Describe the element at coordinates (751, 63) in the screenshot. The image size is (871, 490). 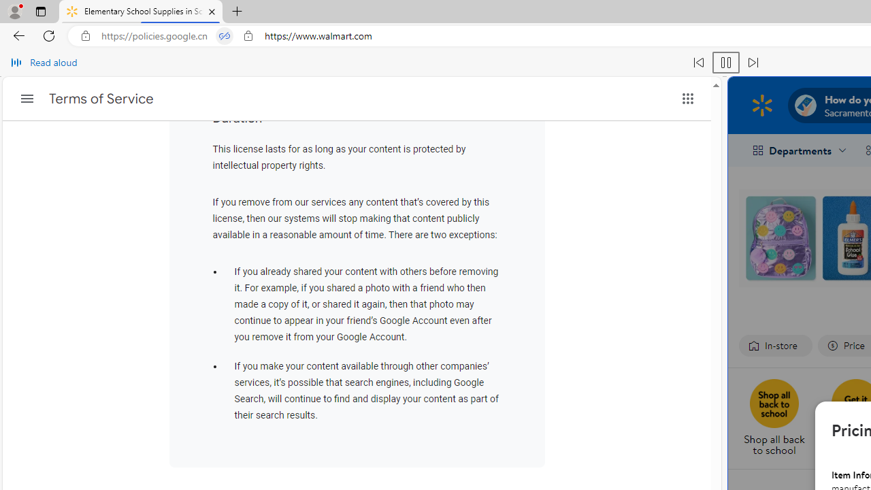
I see `'Read next paragraph'` at that location.